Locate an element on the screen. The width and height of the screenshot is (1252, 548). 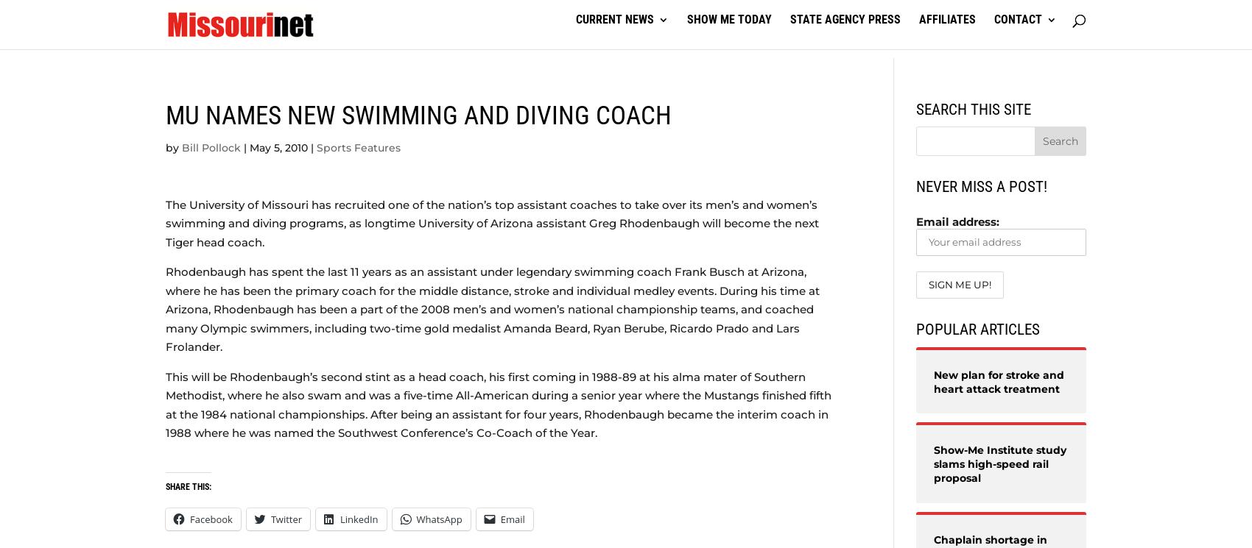
'History' is located at coordinates (810, 120).